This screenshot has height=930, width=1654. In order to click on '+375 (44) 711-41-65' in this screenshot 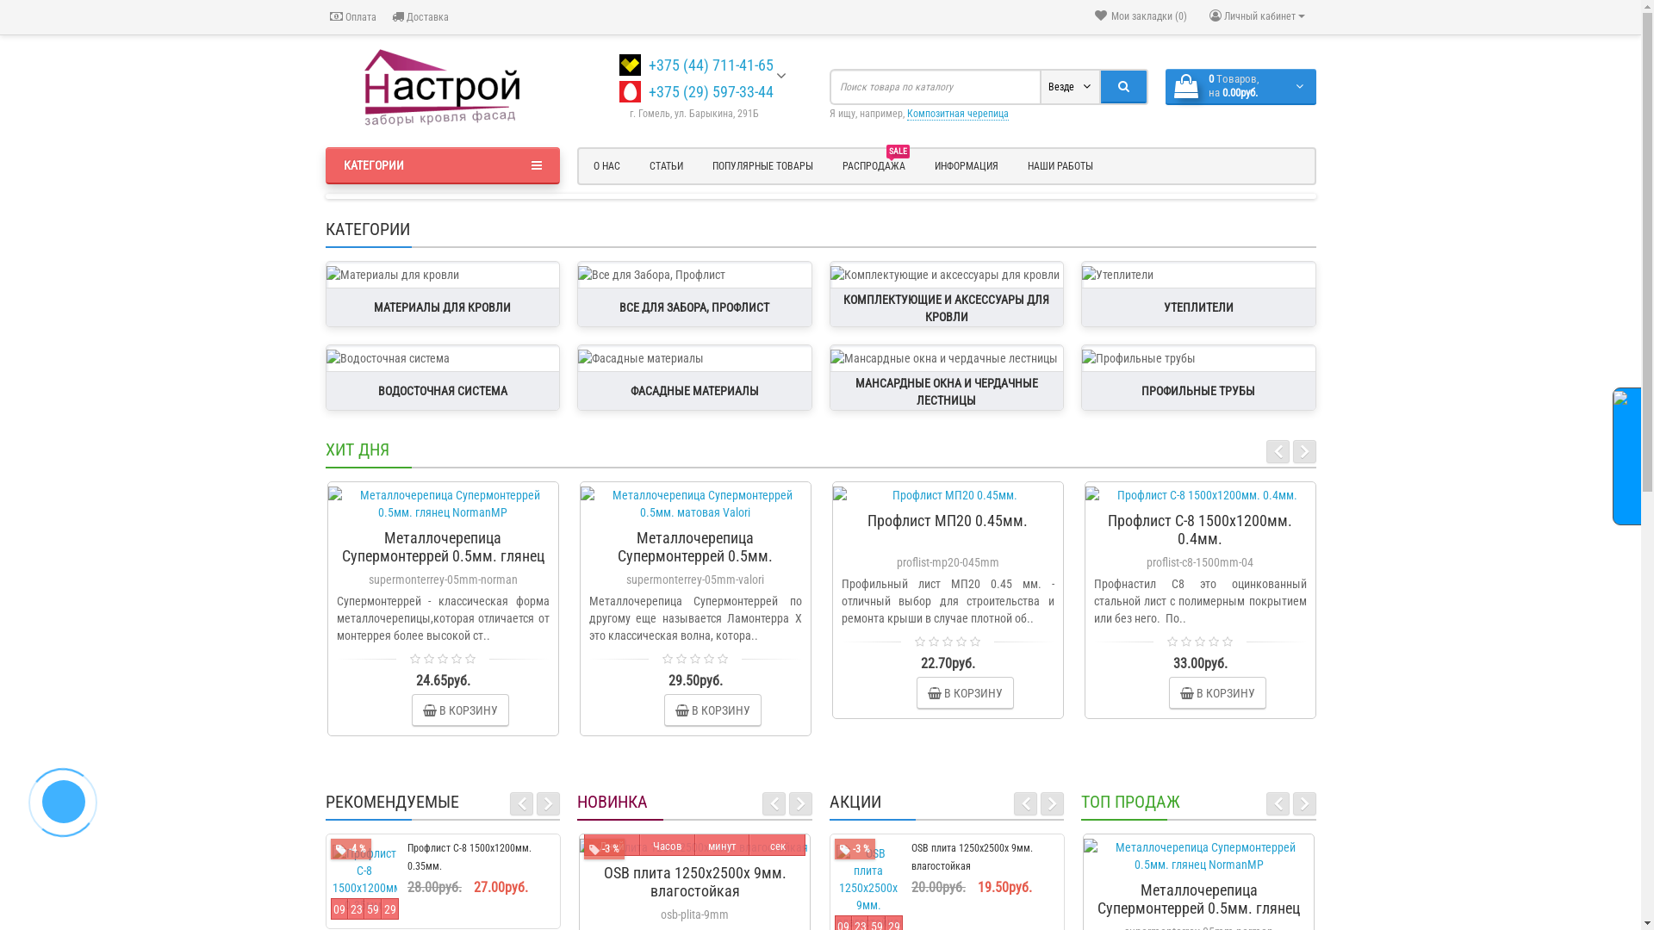, I will do `click(711, 64)`.